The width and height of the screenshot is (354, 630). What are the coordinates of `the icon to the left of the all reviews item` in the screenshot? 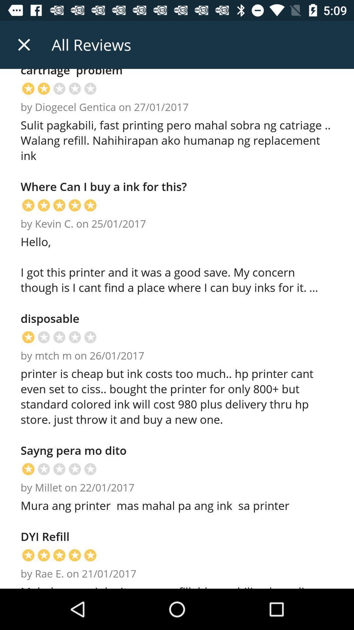 It's located at (24, 44).